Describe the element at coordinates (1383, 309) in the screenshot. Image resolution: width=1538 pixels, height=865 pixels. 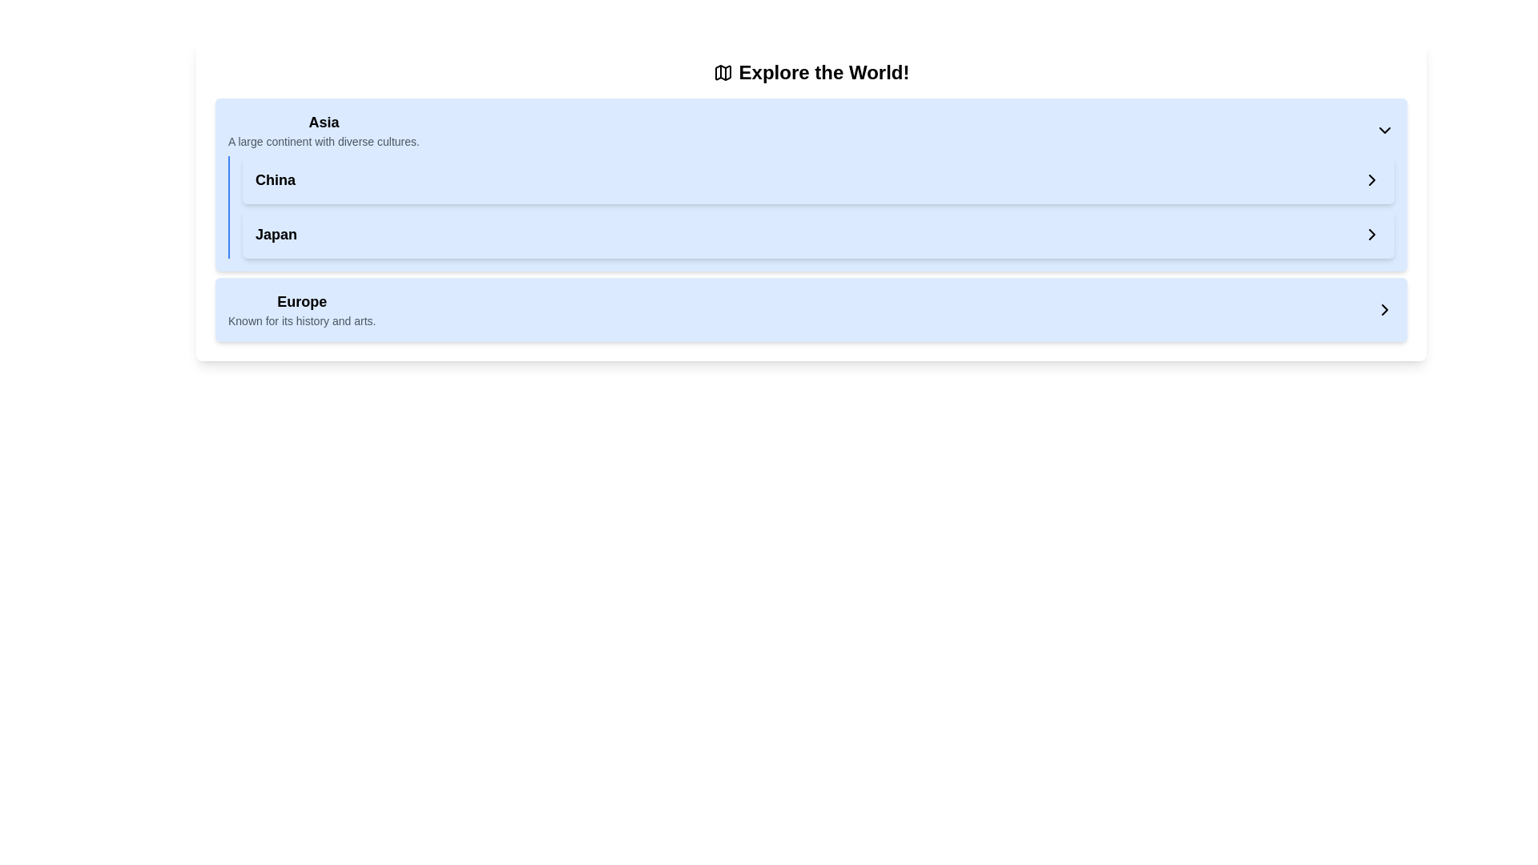
I see `the right-facing chevron icon located in the far right section of the 'Europe' row to initiate navigation` at that location.